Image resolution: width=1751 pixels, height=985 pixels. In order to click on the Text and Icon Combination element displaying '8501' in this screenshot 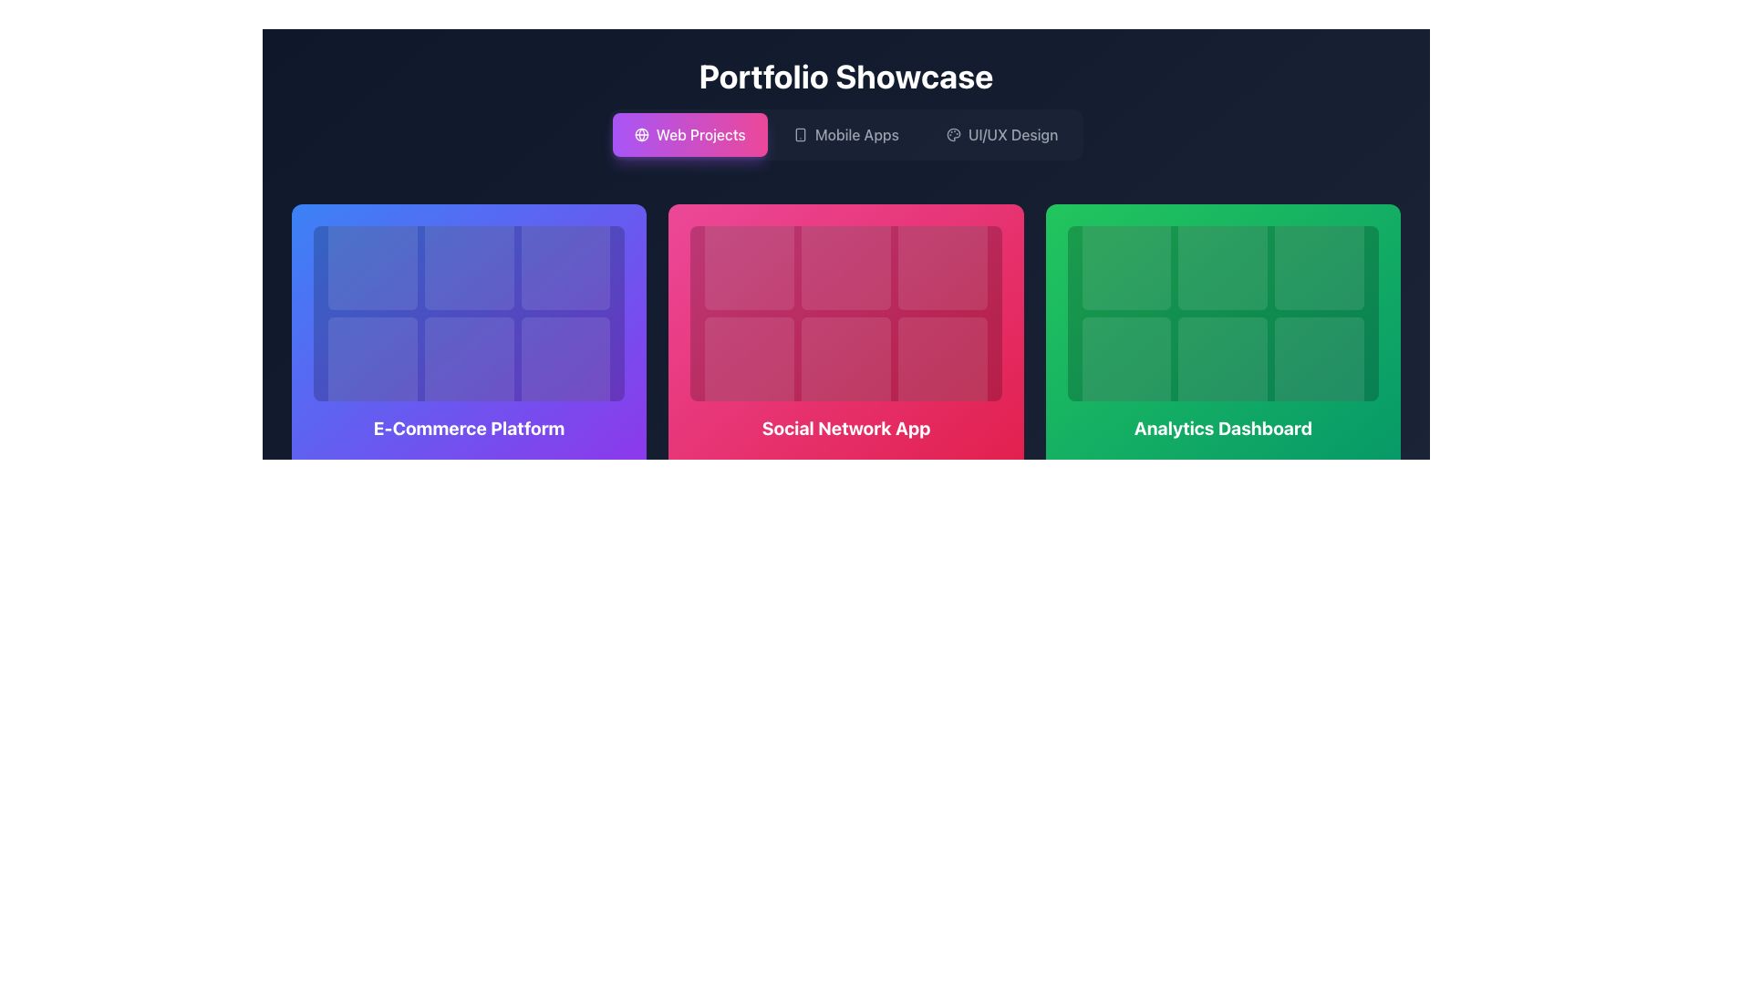, I will do `click(732, 466)`.